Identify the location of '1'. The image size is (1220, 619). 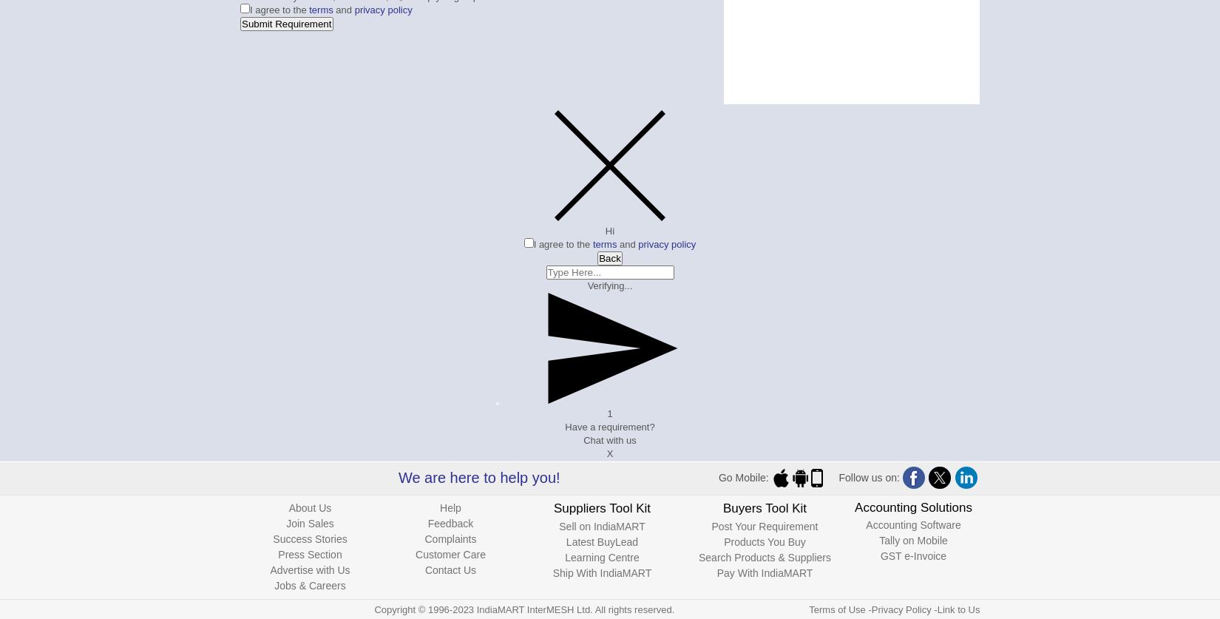
(609, 413).